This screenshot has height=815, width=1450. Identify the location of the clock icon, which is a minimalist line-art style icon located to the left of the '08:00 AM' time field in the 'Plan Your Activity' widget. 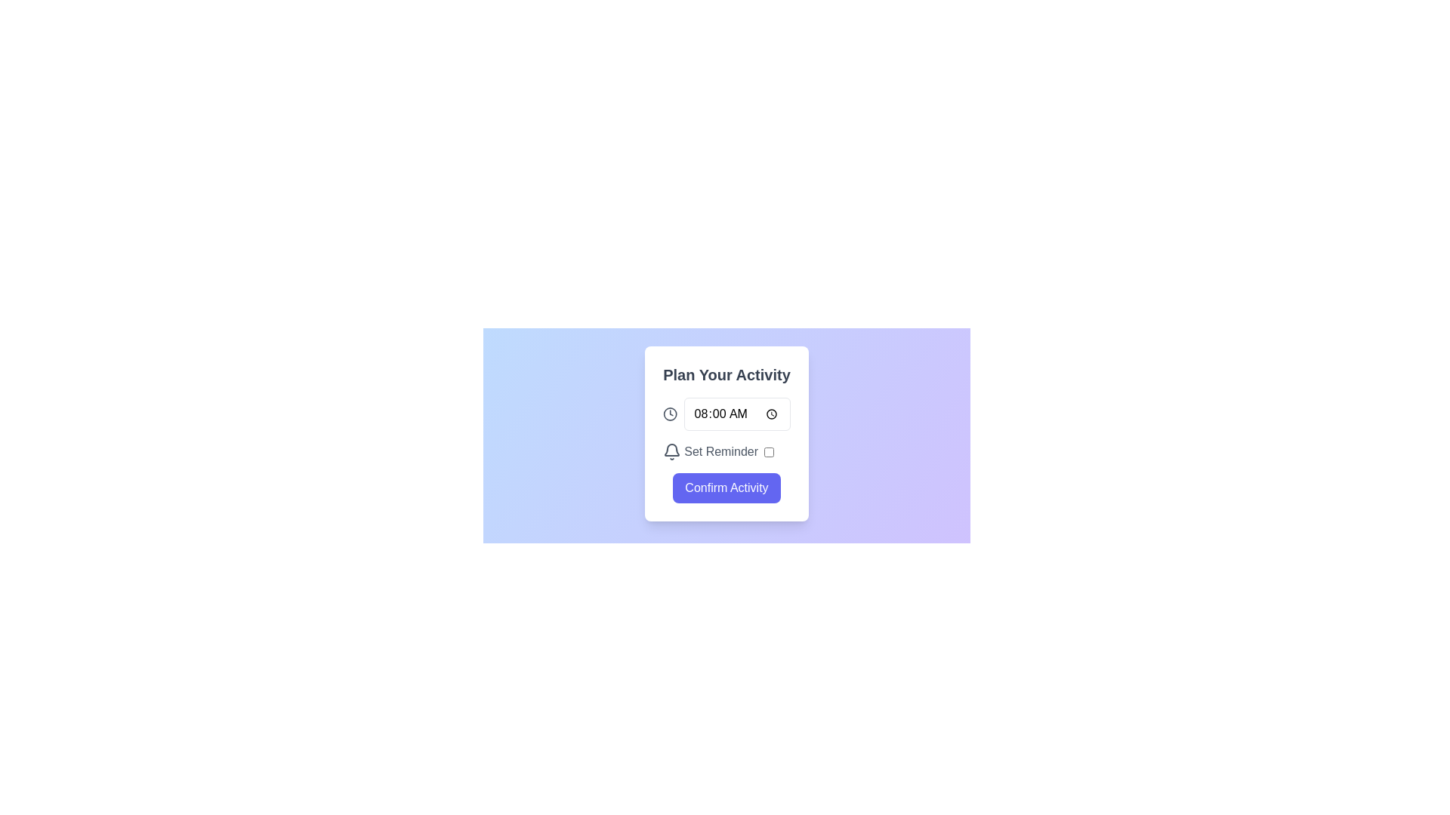
(669, 414).